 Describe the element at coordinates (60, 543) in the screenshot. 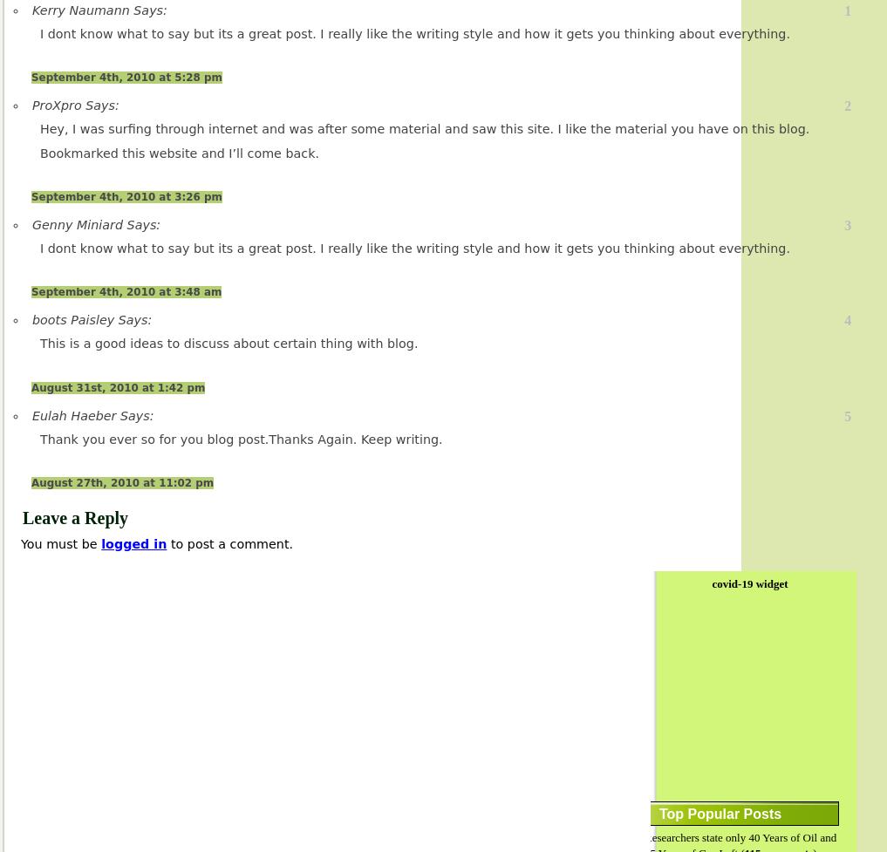

I see `'You must be'` at that location.